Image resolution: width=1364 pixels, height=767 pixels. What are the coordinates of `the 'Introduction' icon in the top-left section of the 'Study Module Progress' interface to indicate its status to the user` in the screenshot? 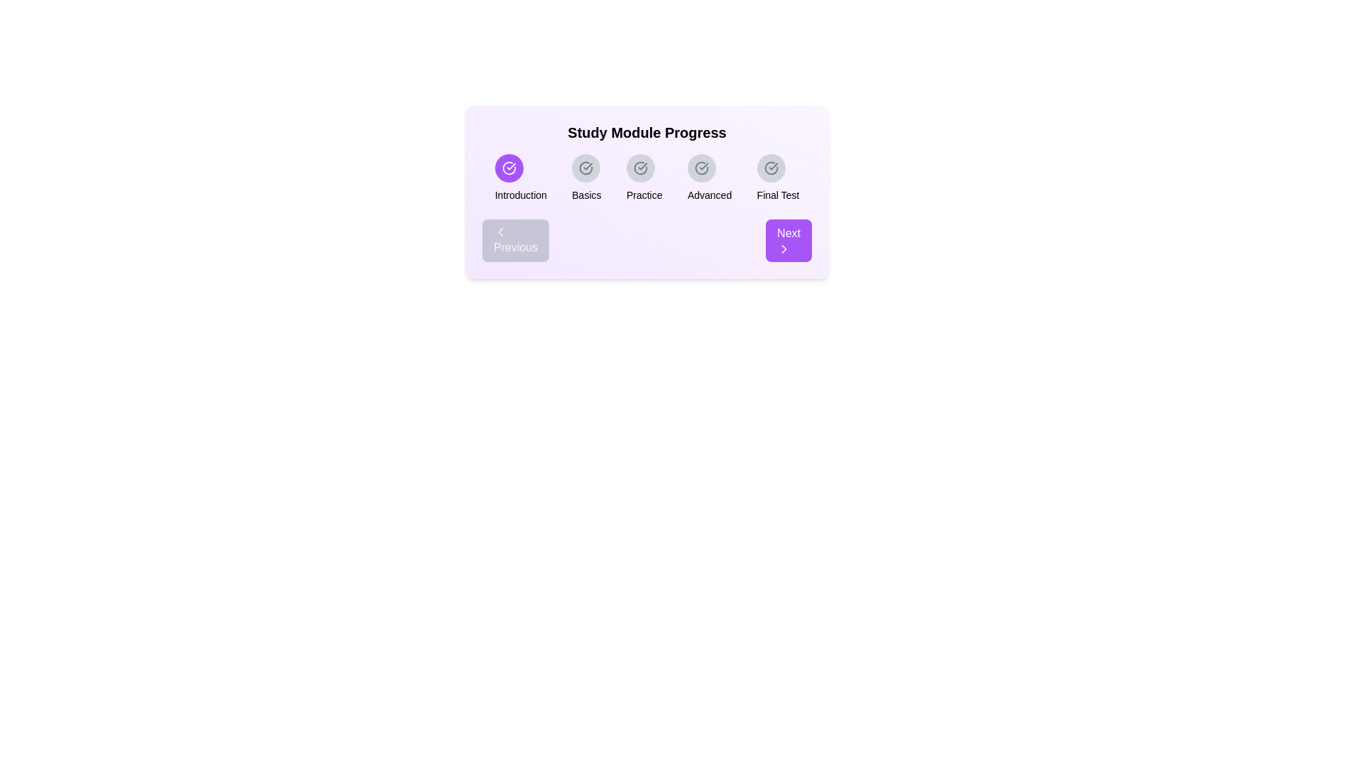 It's located at (509, 167).